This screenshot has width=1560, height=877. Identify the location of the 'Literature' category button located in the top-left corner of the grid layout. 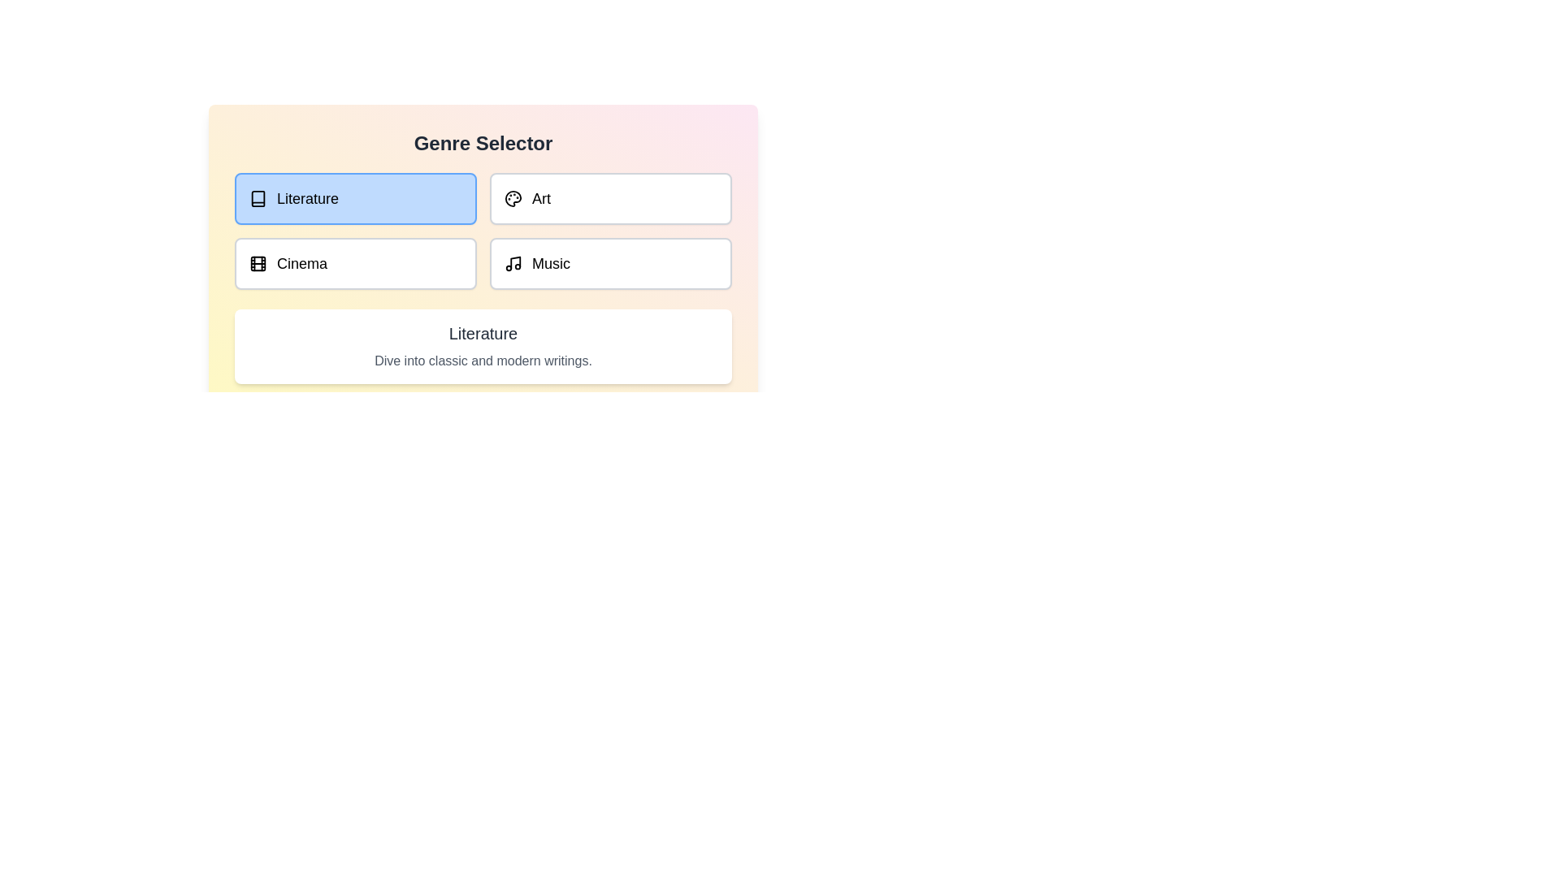
(354, 198).